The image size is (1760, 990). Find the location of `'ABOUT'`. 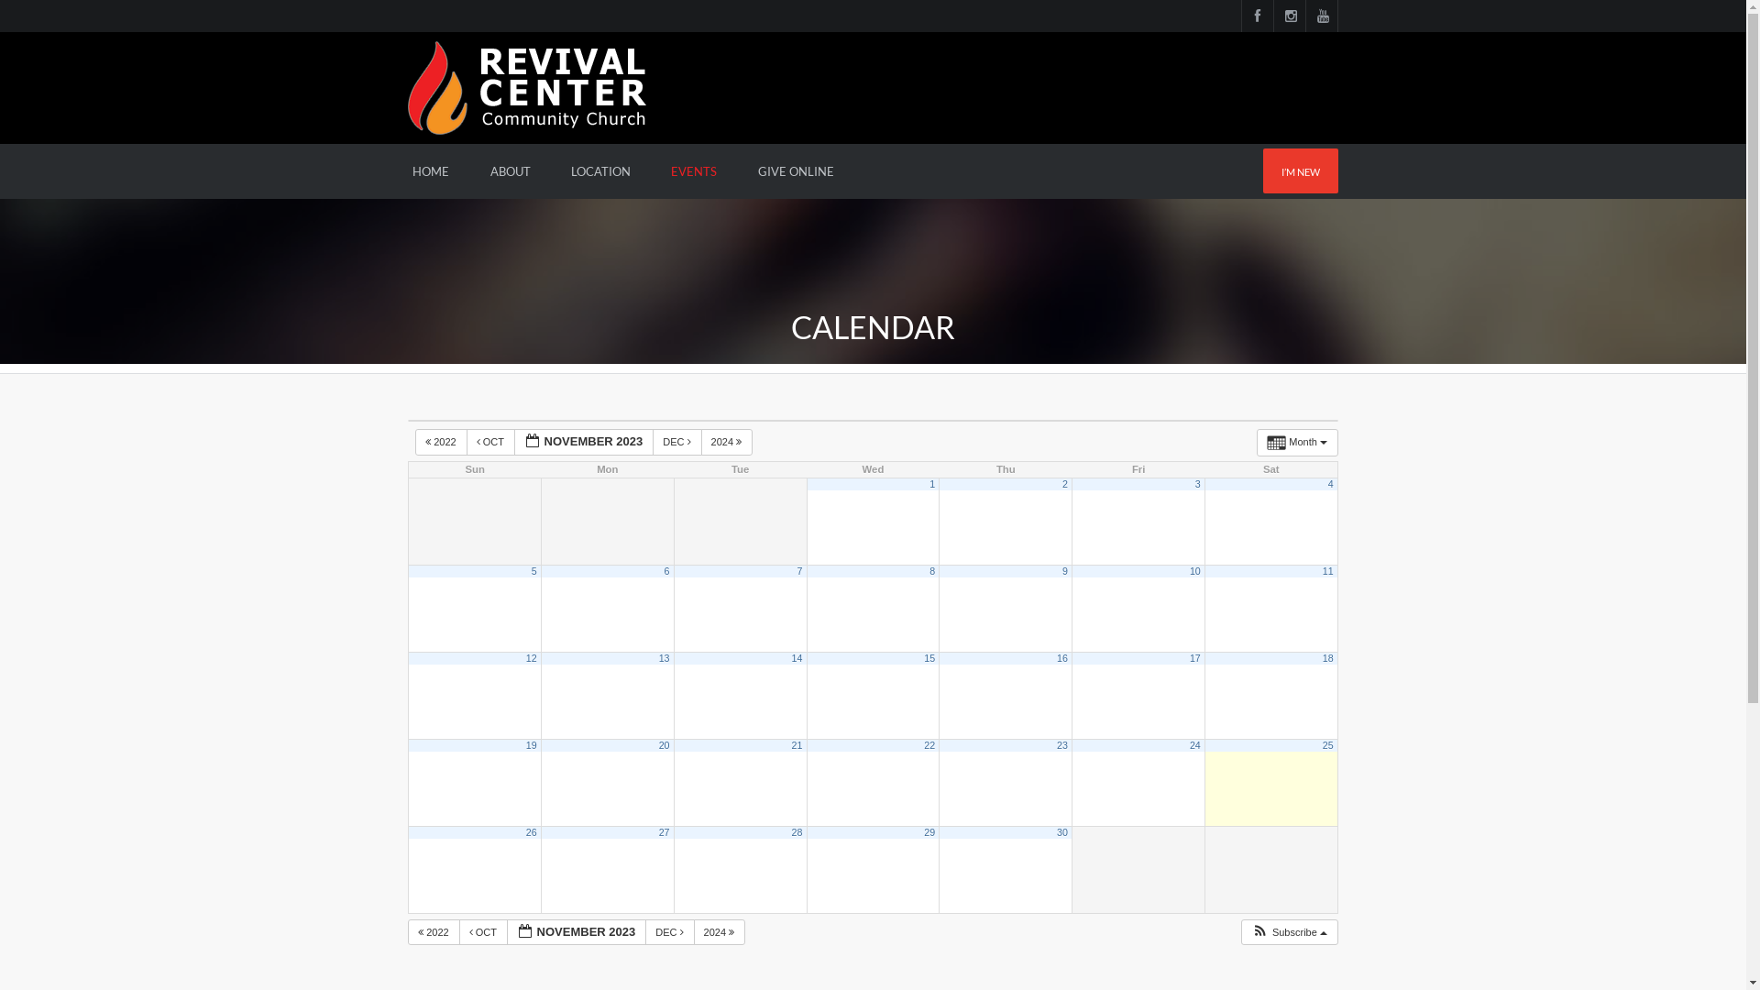

'ABOUT' is located at coordinates (510, 170).